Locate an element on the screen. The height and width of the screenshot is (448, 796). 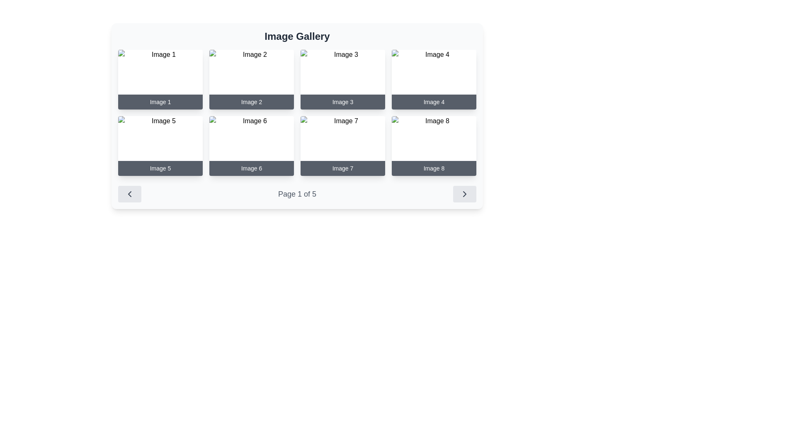
the backward navigation icon located at the bottom-left corner of the interface is located at coordinates (129, 194).